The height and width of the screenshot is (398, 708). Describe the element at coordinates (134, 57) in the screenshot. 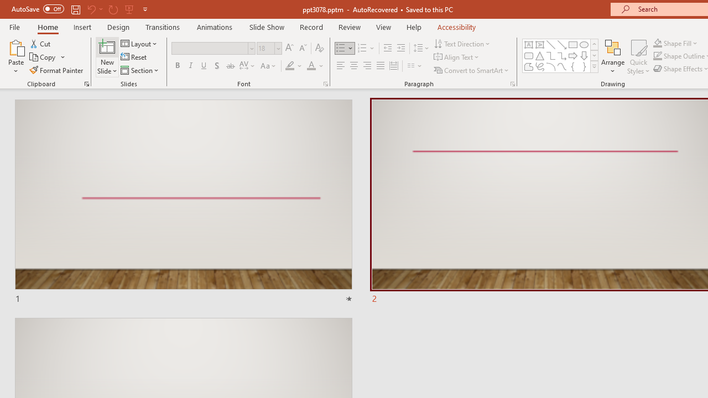

I see `'Reset'` at that location.